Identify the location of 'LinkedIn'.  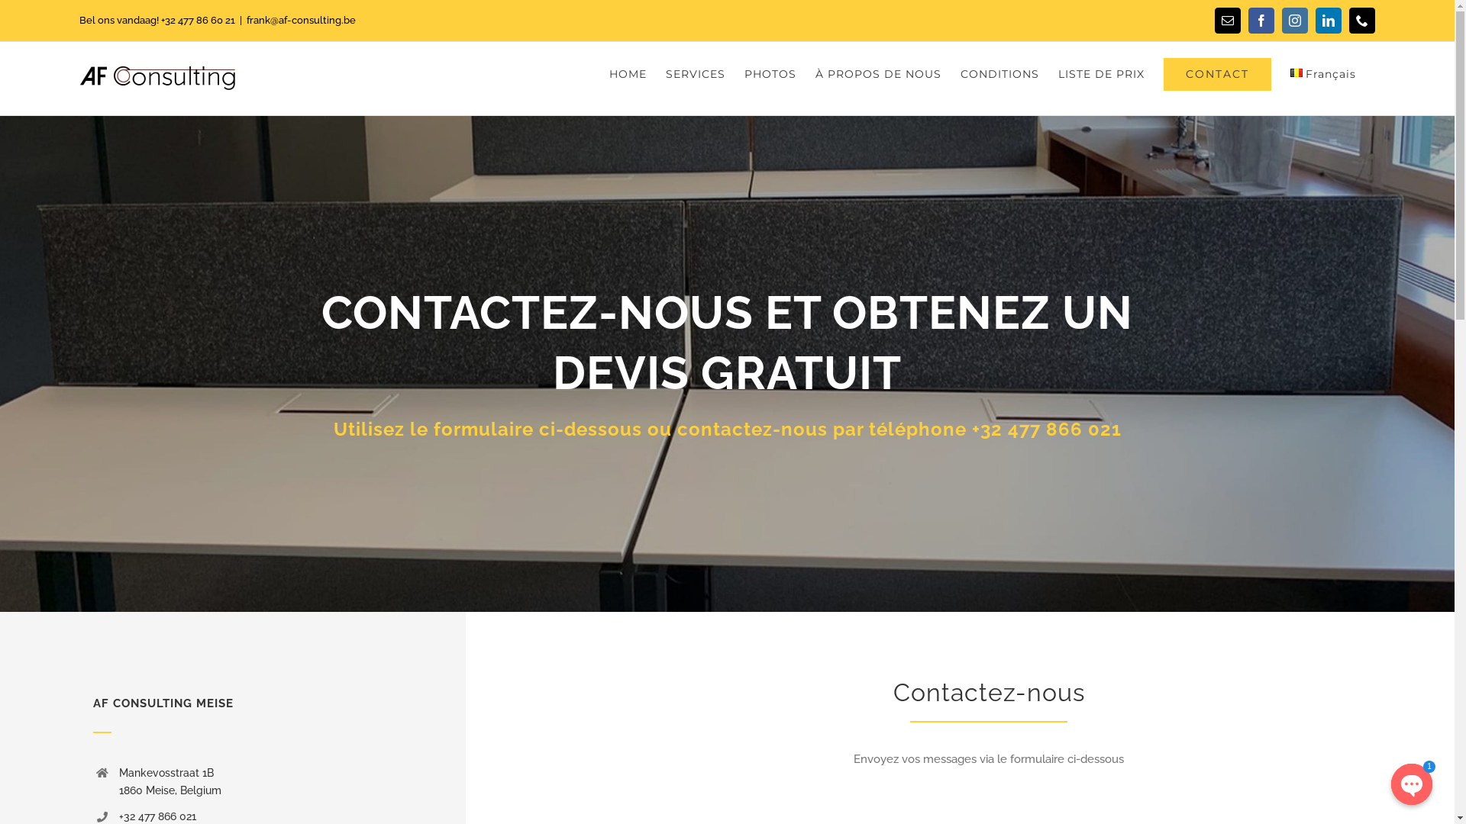
(1327, 21).